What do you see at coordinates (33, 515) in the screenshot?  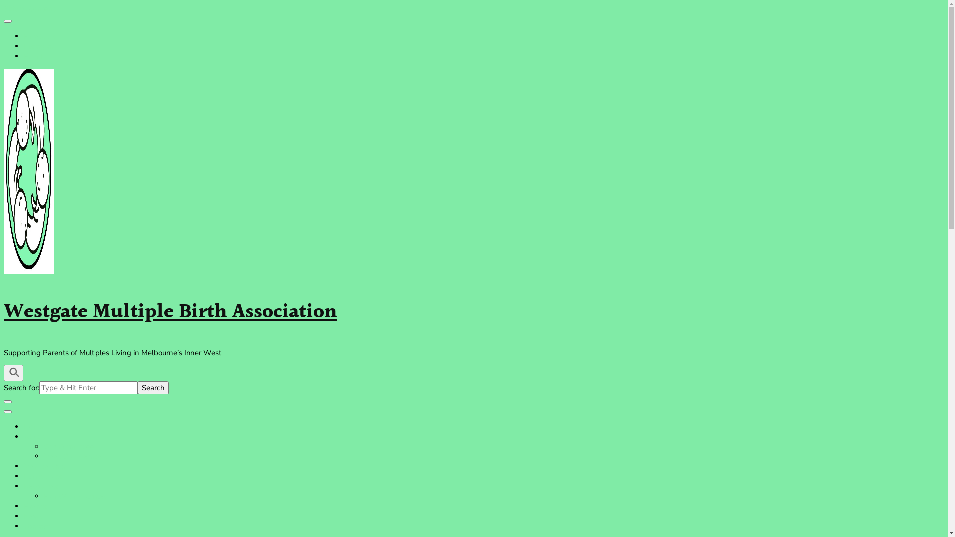 I see `'News'` at bounding box center [33, 515].